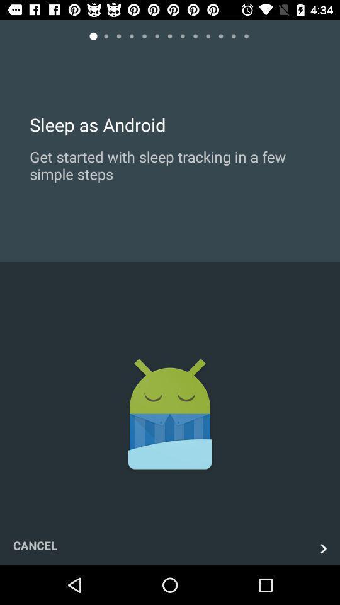 This screenshot has height=605, width=340. I want to click on next, so click(323, 548).